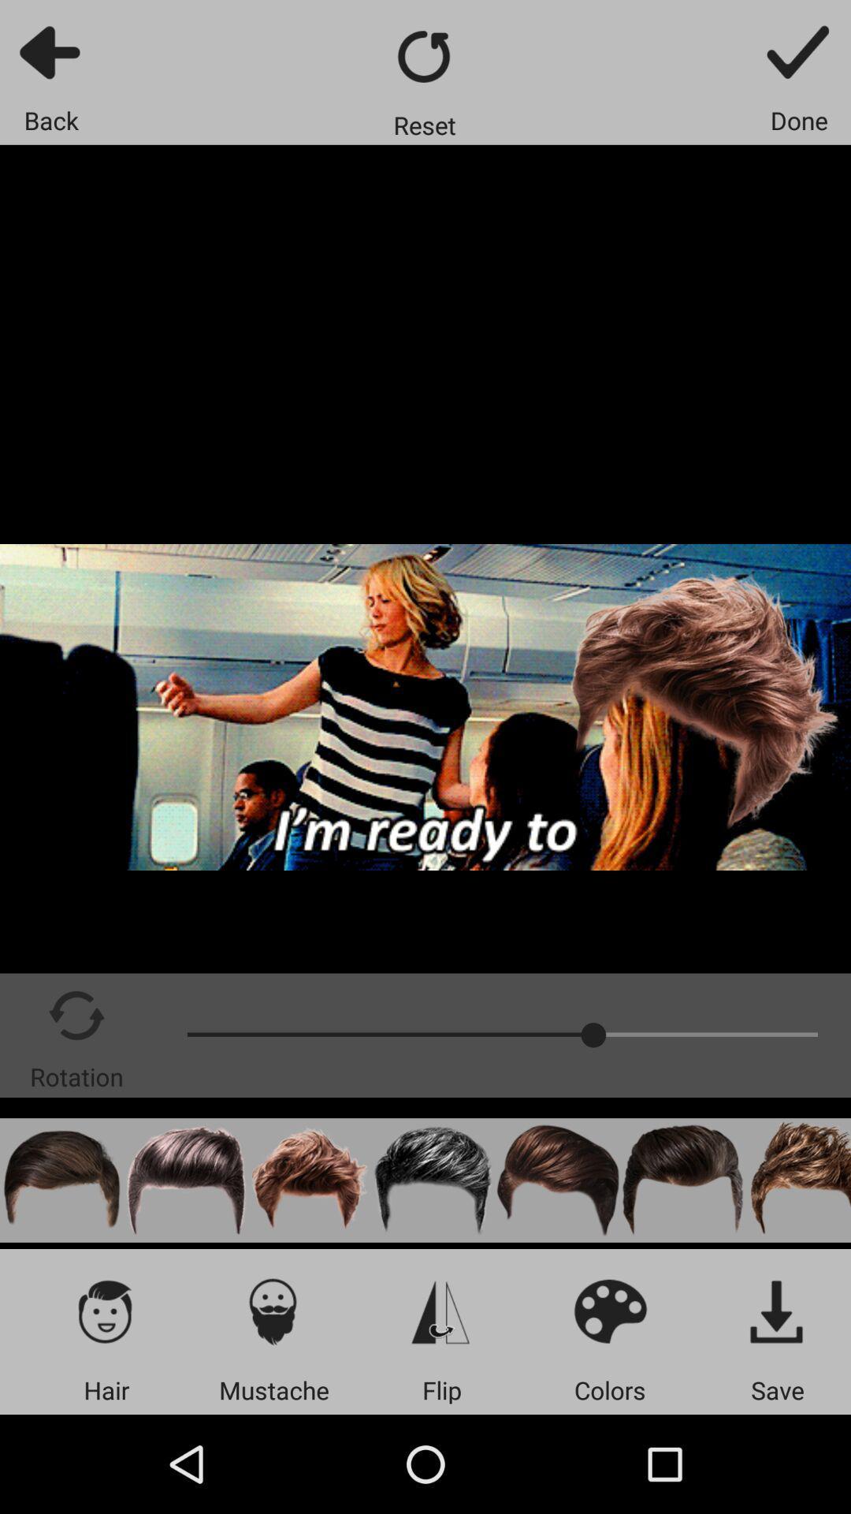  I want to click on second hairstyle, so click(185, 1180).